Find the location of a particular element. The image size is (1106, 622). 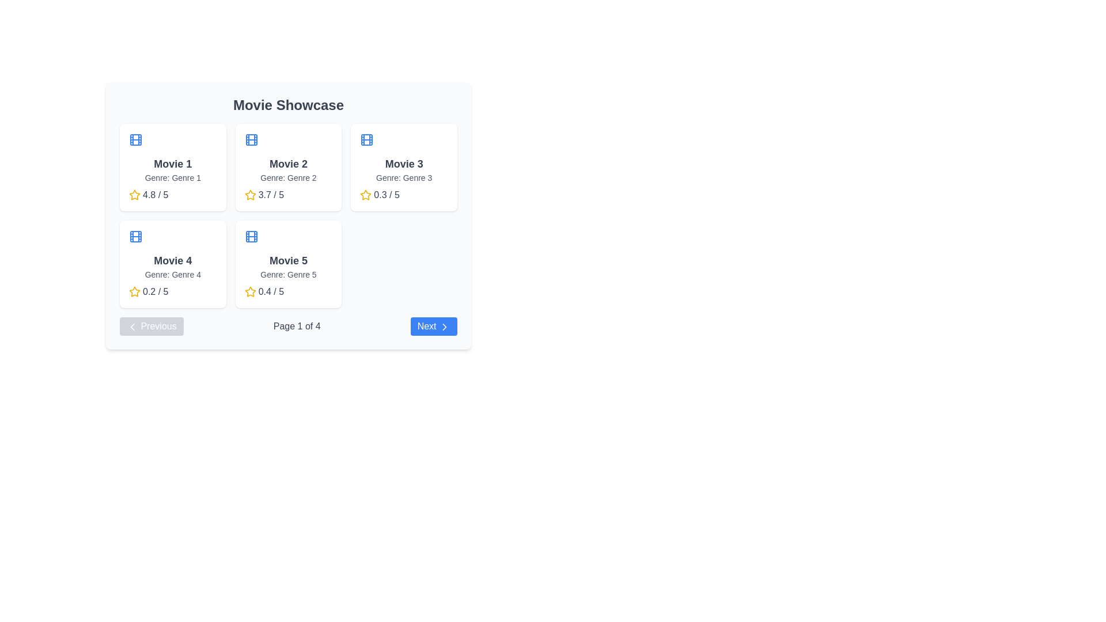

the text component displaying the title 'Movie 5' is located at coordinates (288, 260).